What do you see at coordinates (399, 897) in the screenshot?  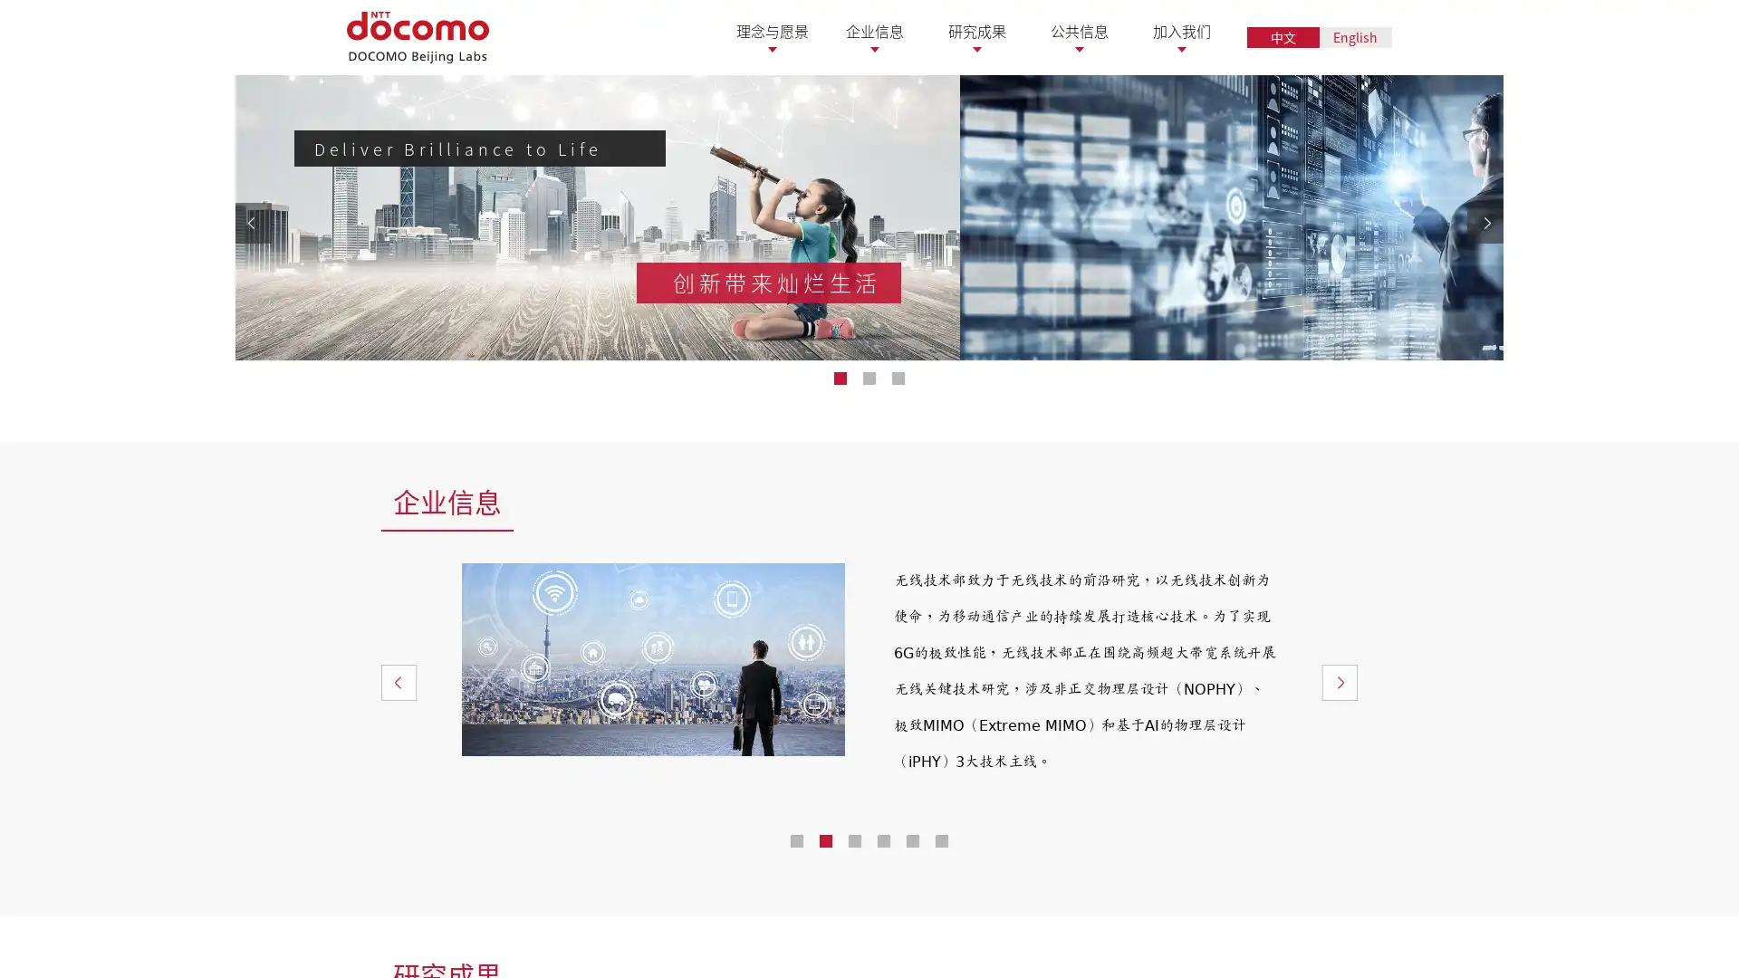 I see `Previous` at bounding box center [399, 897].